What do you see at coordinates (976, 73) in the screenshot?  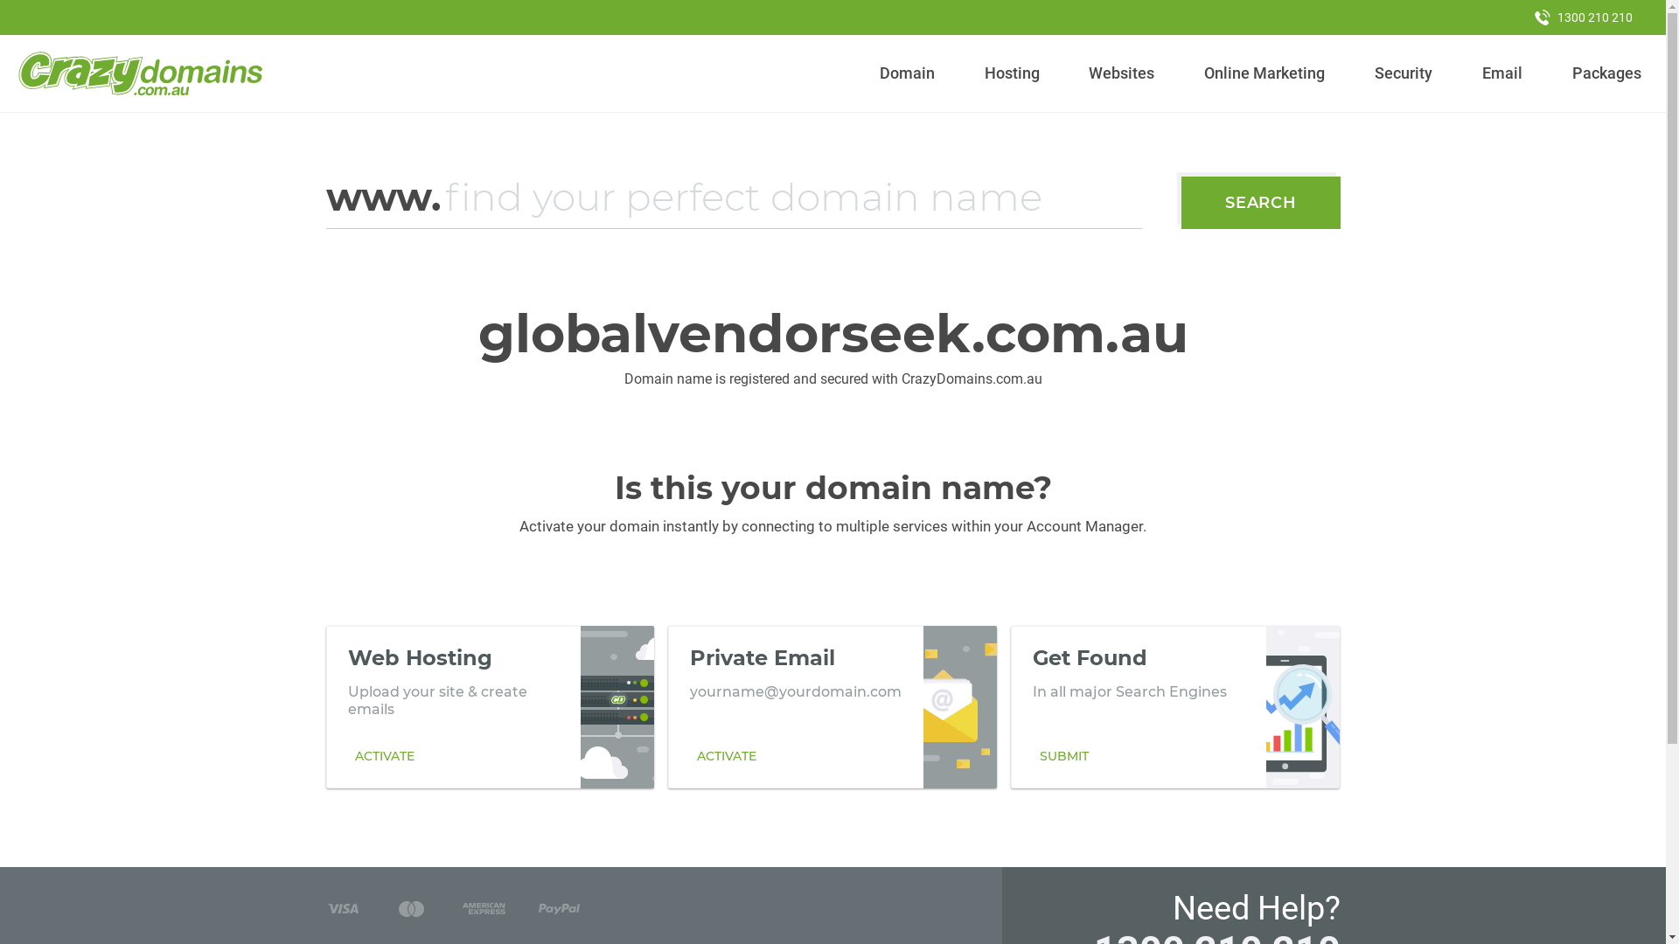 I see `'Hosting'` at bounding box center [976, 73].